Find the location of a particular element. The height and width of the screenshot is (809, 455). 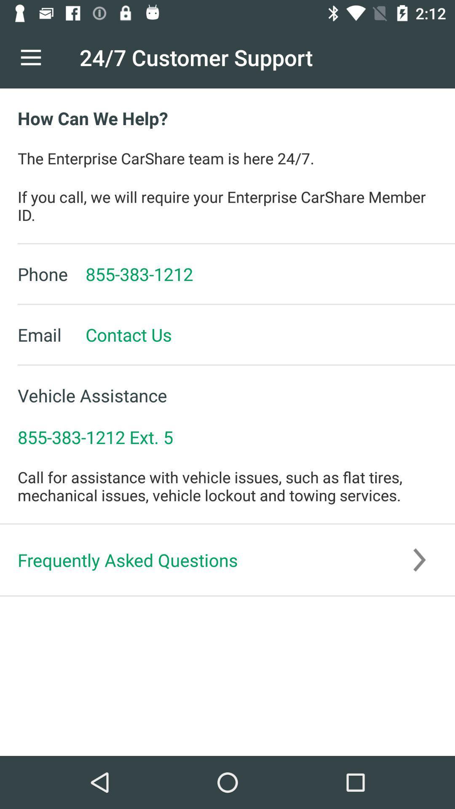

item to the right of the email icon is located at coordinates (120, 334).